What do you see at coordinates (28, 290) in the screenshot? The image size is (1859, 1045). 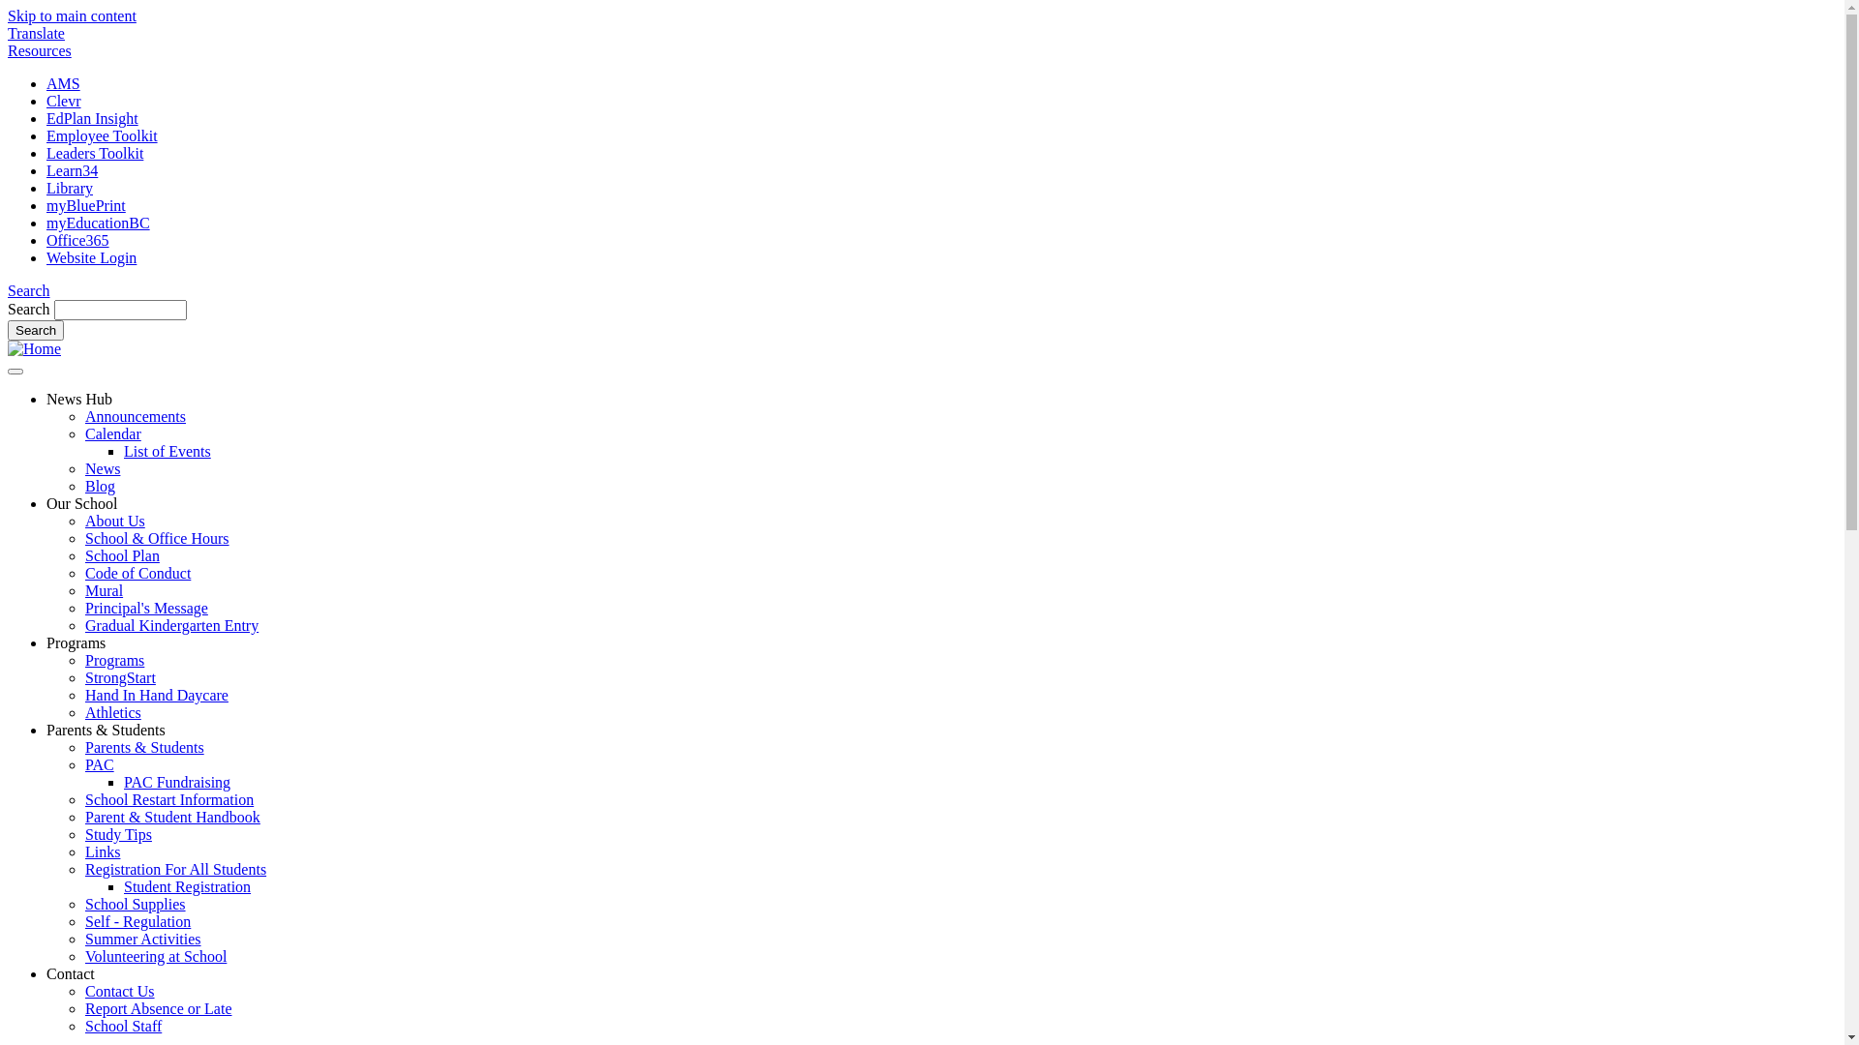 I see `'Search'` at bounding box center [28, 290].